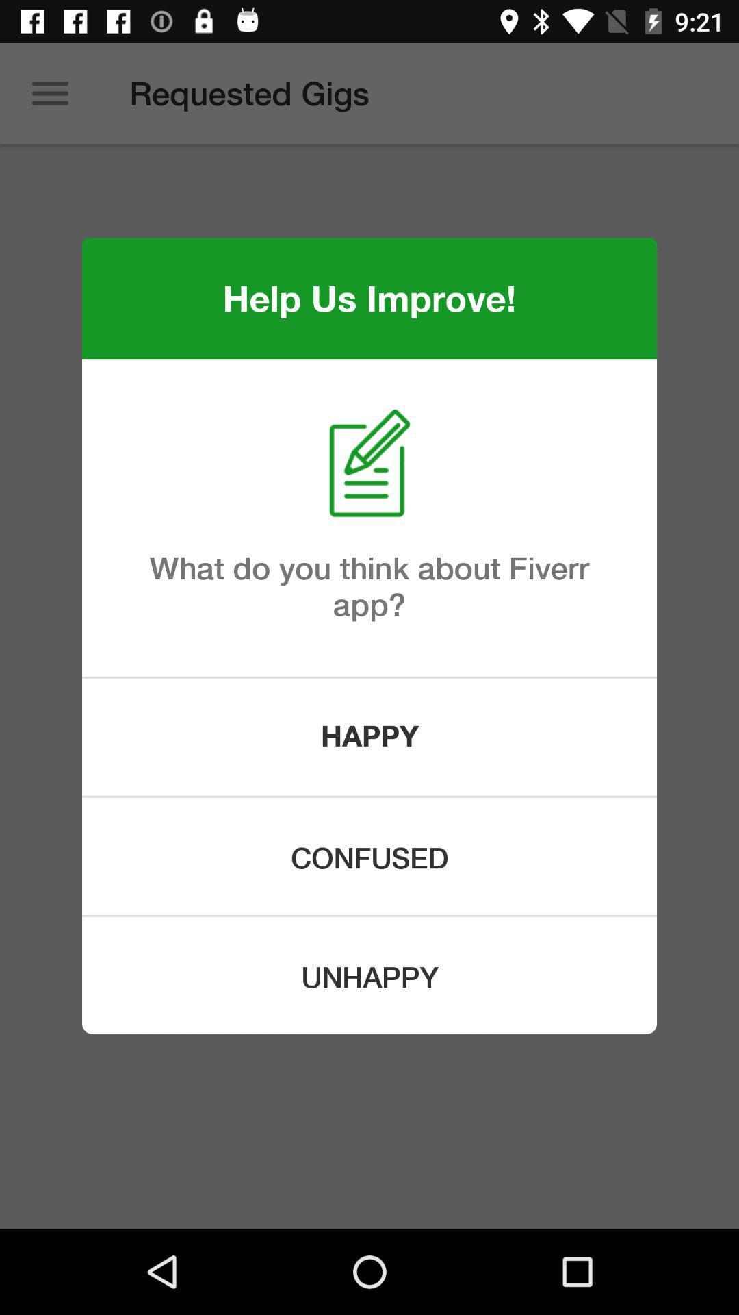  What do you see at coordinates (369, 855) in the screenshot?
I see `the confused` at bounding box center [369, 855].